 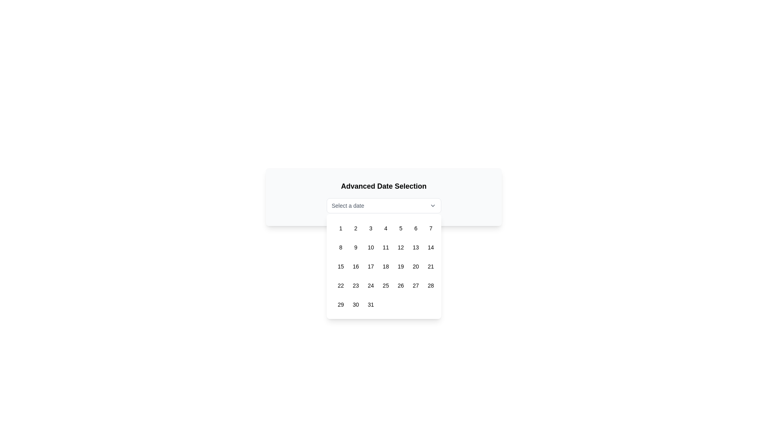 What do you see at coordinates (370, 228) in the screenshot?
I see `the button located in the first row, third column of the calendar` at bounding box center [370, 228].